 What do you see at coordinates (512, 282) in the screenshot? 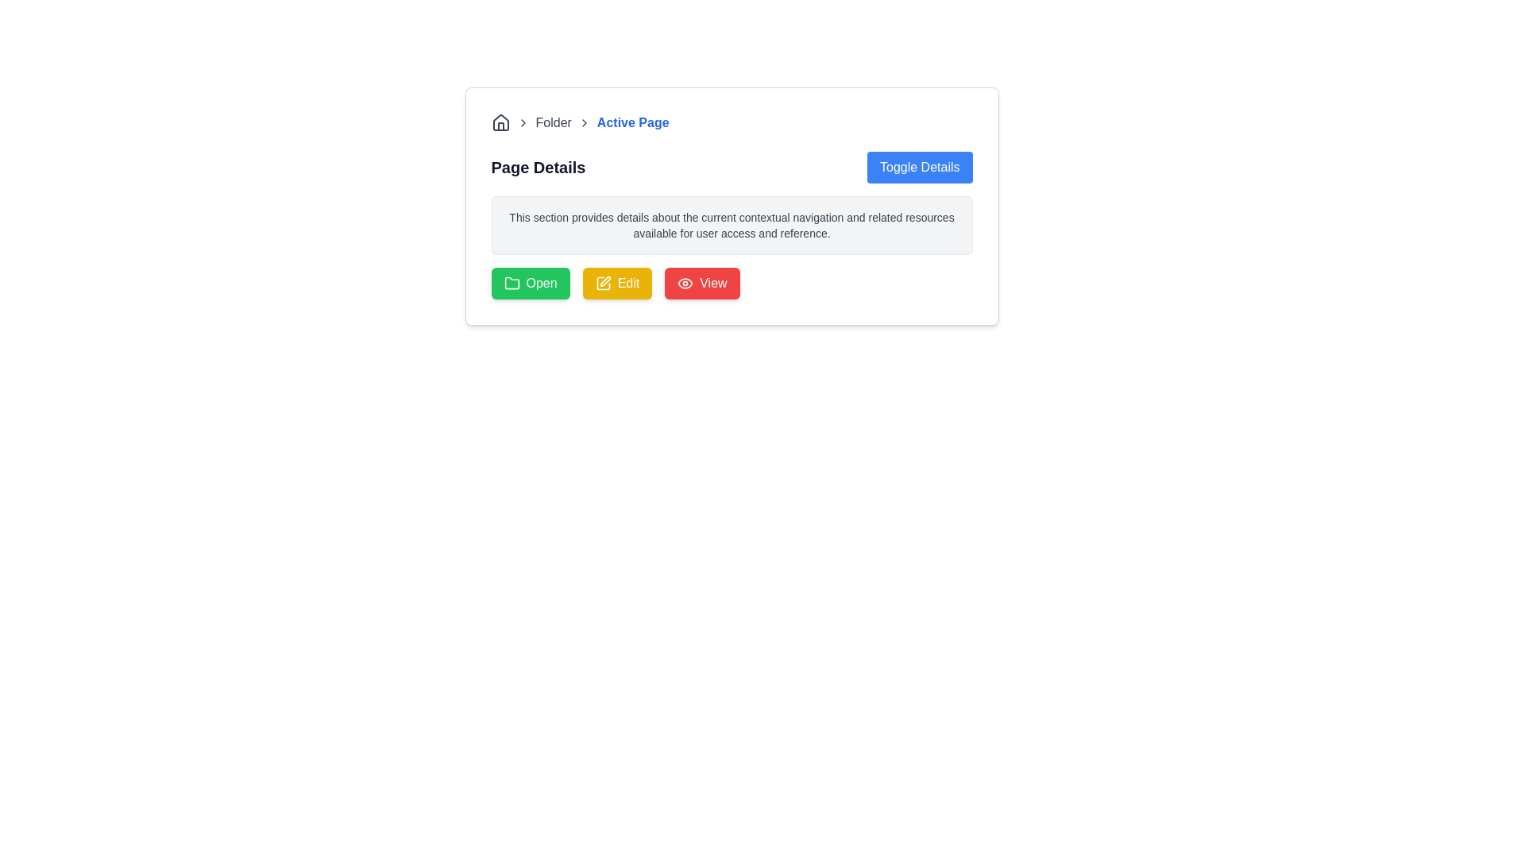
I see `the folder icon located to the left of the green 'Open' button, which is styled with rounded edges and a simple line-based graphic` at bounding box center [512, 282].